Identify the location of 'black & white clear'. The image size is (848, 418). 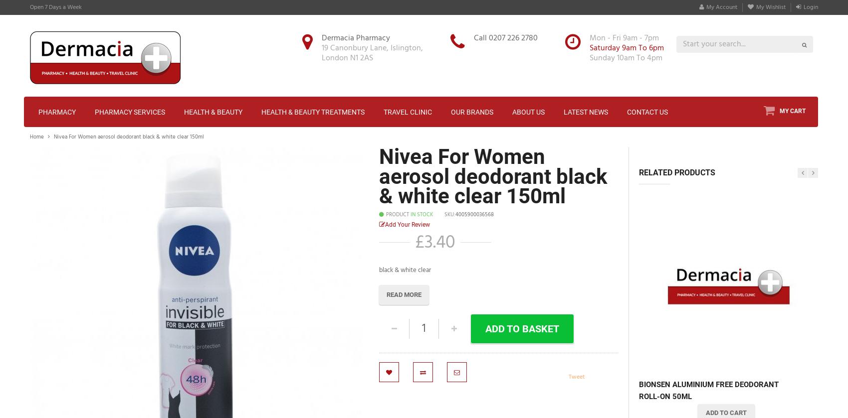
(379, 270).